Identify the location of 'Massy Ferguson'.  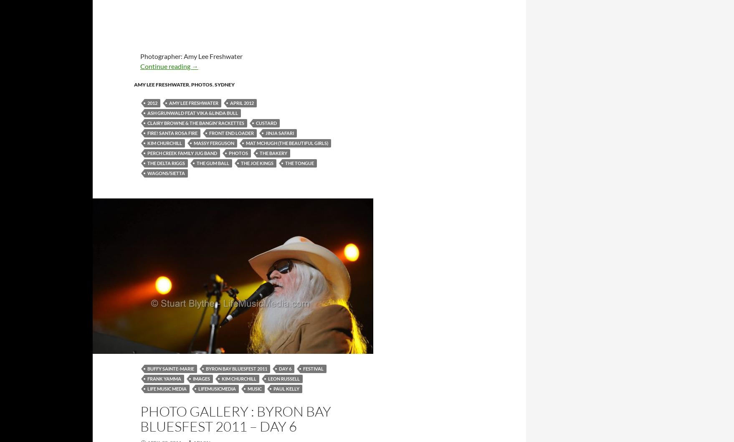
(213, 142).